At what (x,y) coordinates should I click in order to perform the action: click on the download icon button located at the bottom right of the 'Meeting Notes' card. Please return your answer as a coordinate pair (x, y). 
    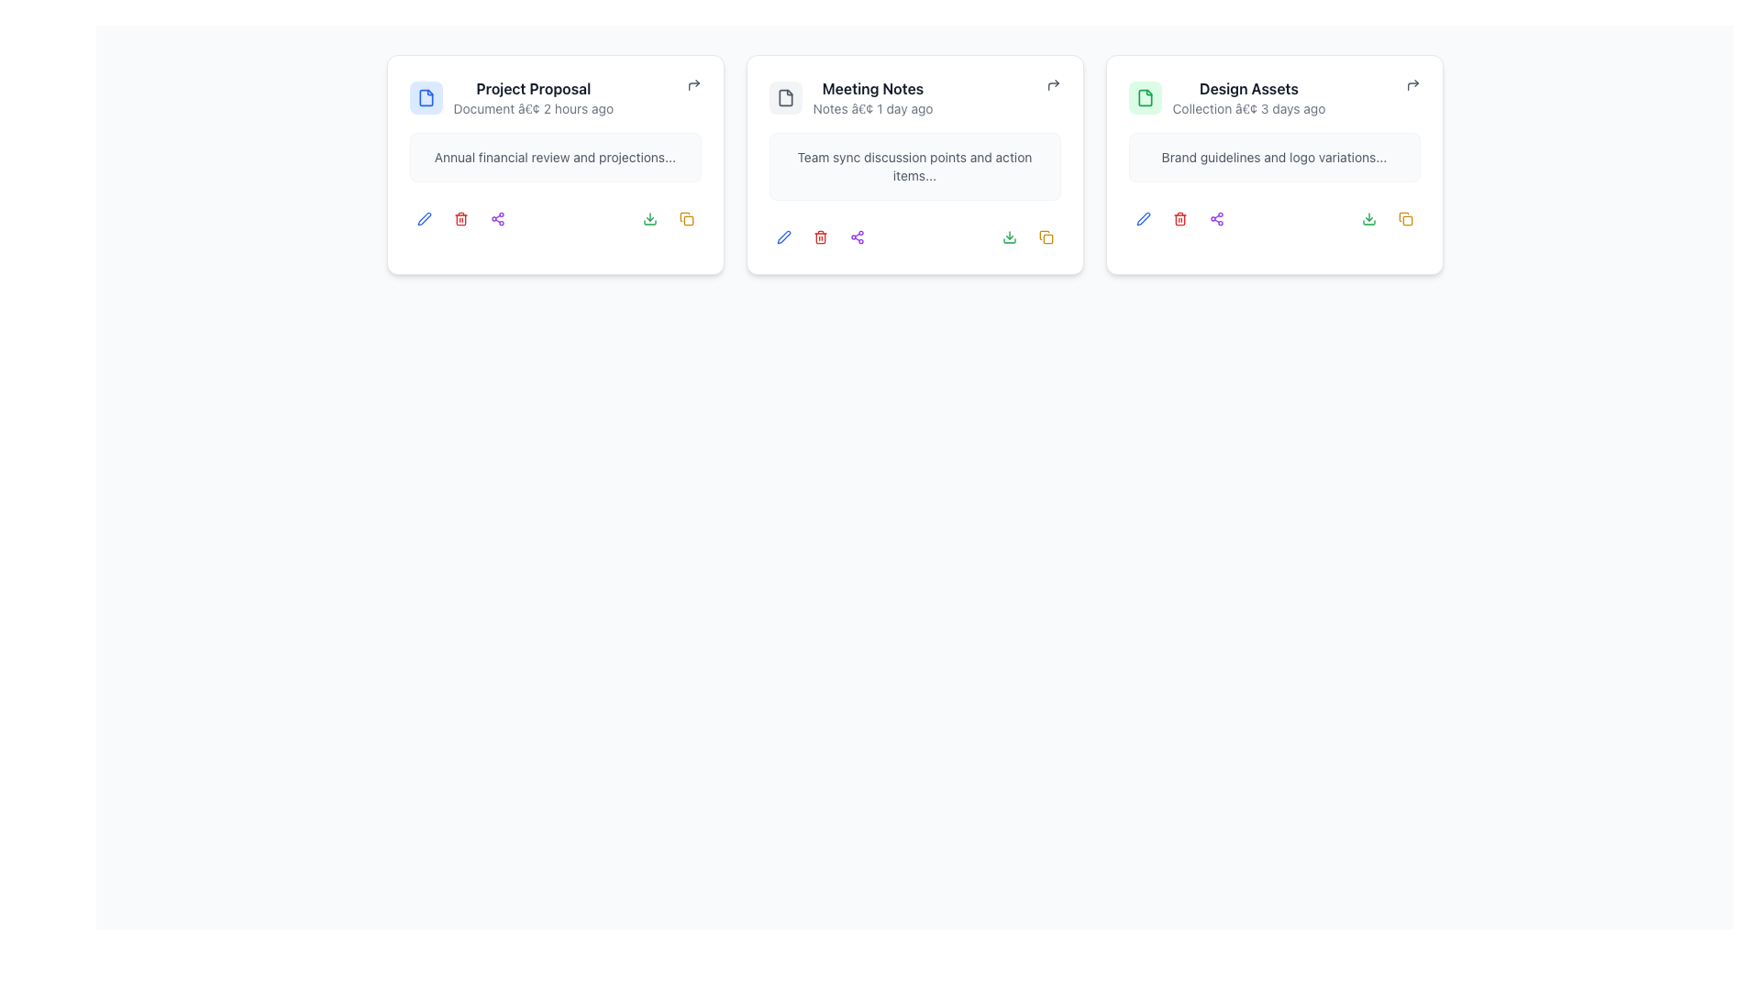
    Looking at the image, I should click on (649, 218).